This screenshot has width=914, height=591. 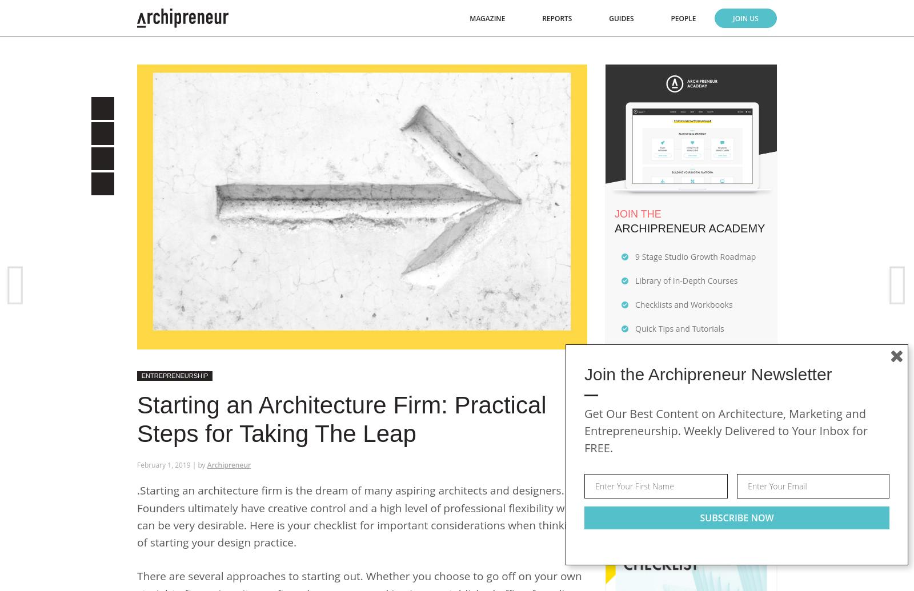 I want to click on '9 Stage Studio Growth Roadmap', so click(x=635, y=256).